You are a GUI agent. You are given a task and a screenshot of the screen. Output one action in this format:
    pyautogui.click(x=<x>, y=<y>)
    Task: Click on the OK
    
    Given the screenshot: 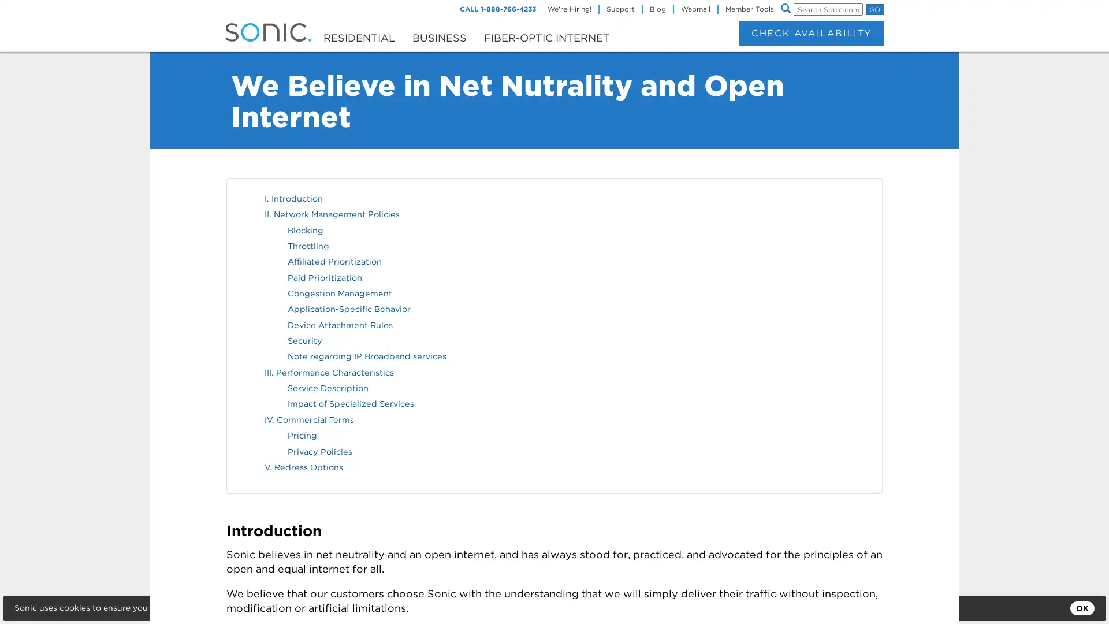 What is the action you would take?
    pyautogui.click(x=1081, y=608)
    